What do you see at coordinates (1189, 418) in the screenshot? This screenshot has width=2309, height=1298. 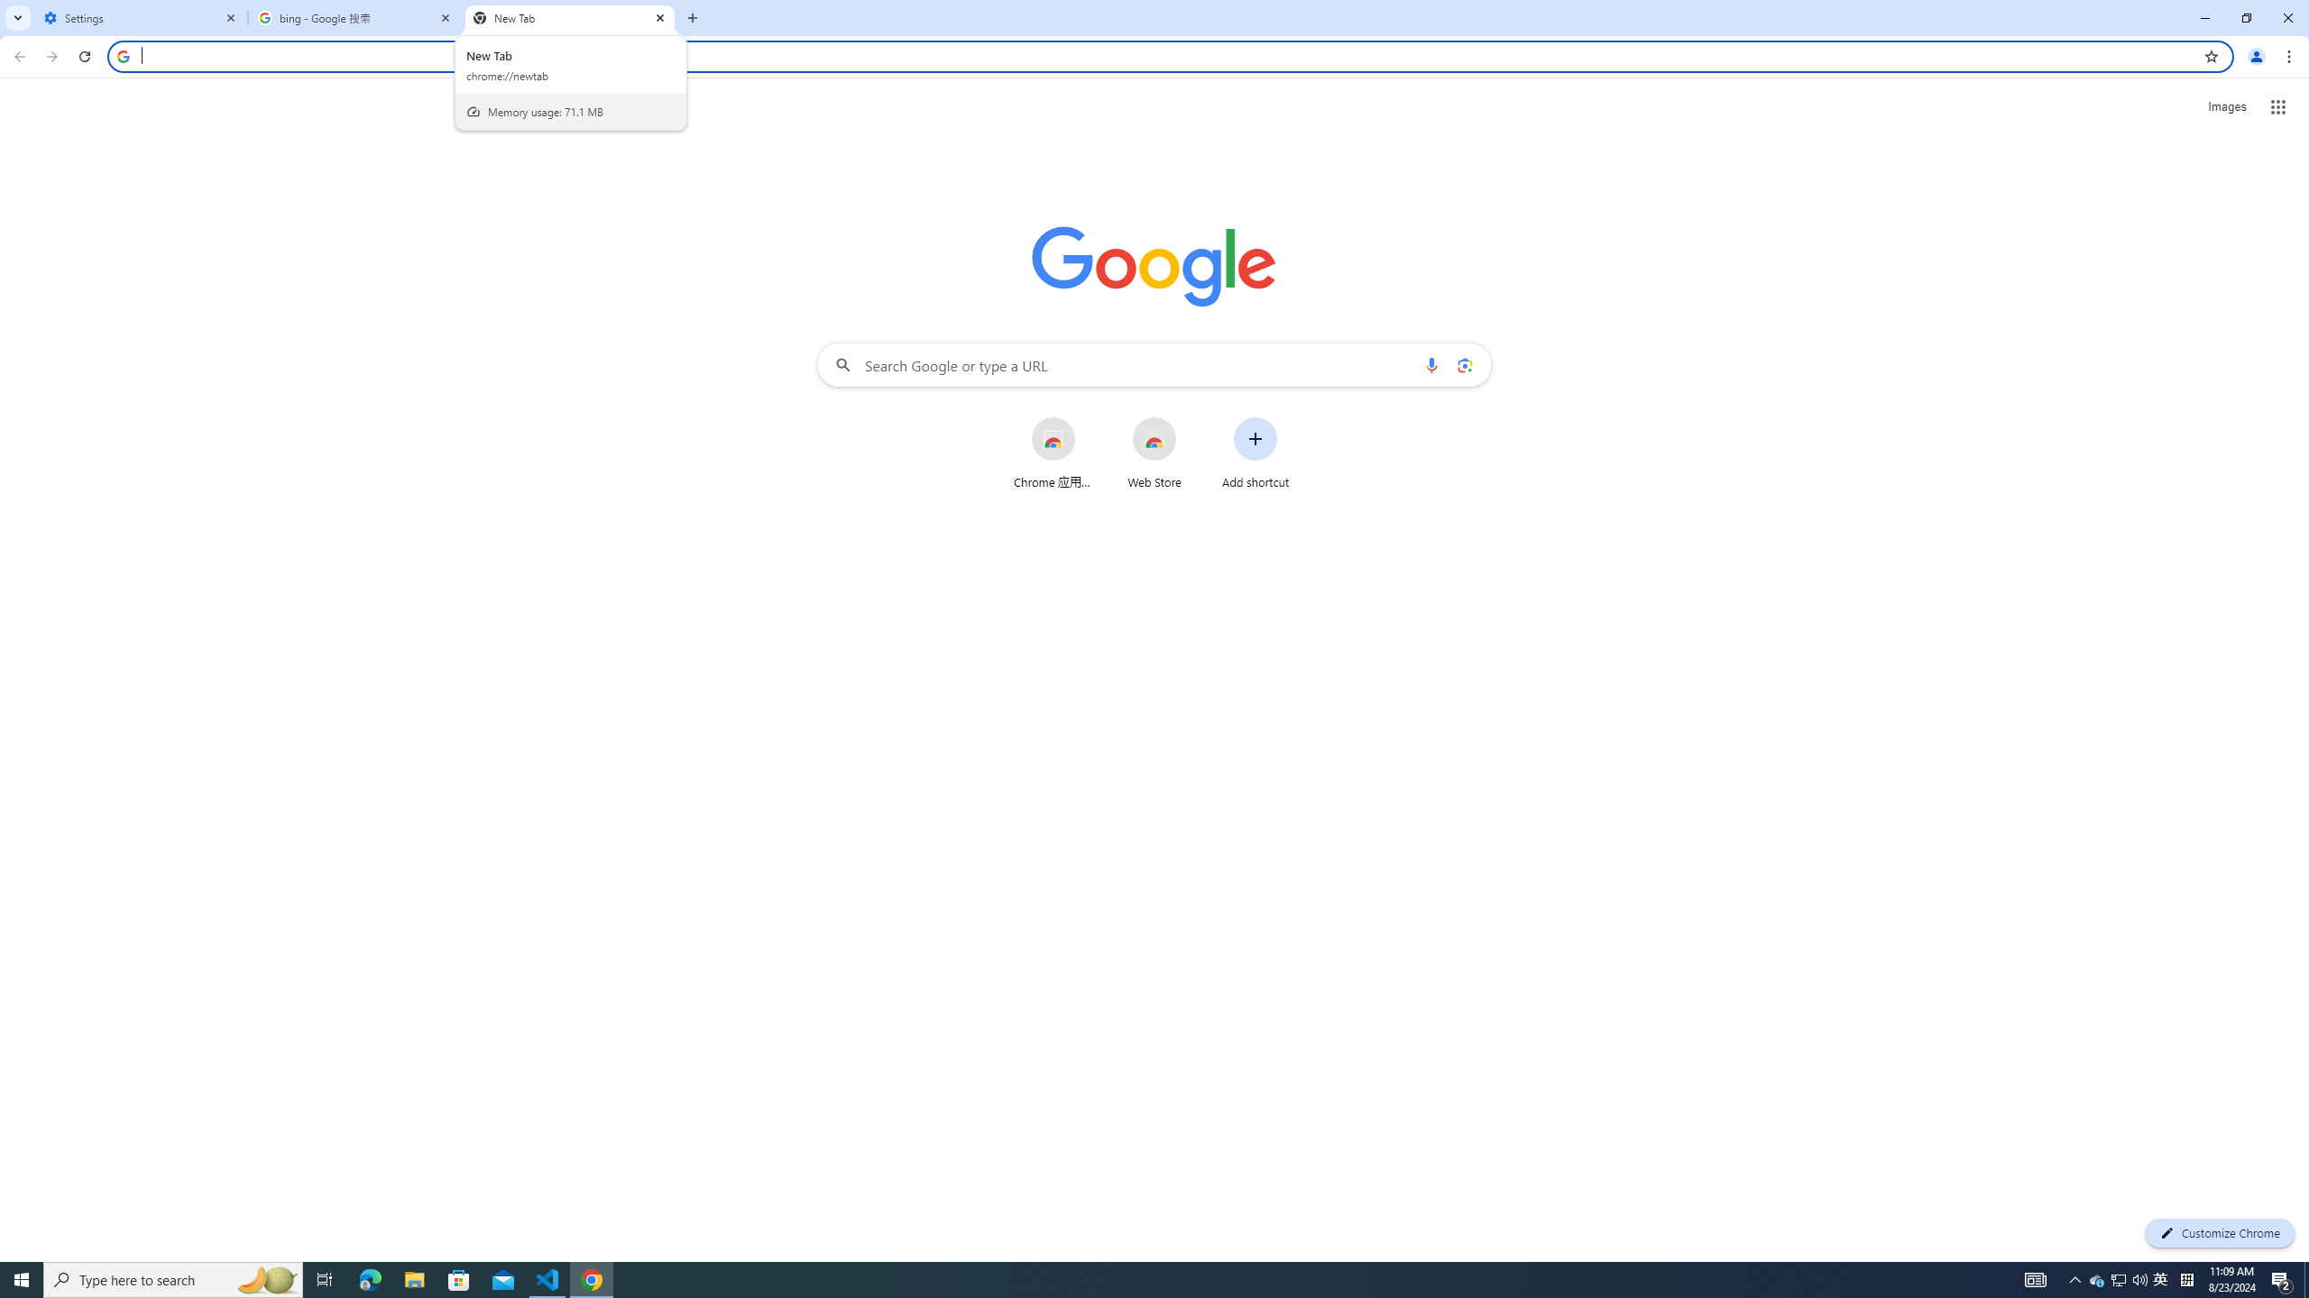 I see `'More actions for Web Store shortcut'` at bounding box center [1189, 418].